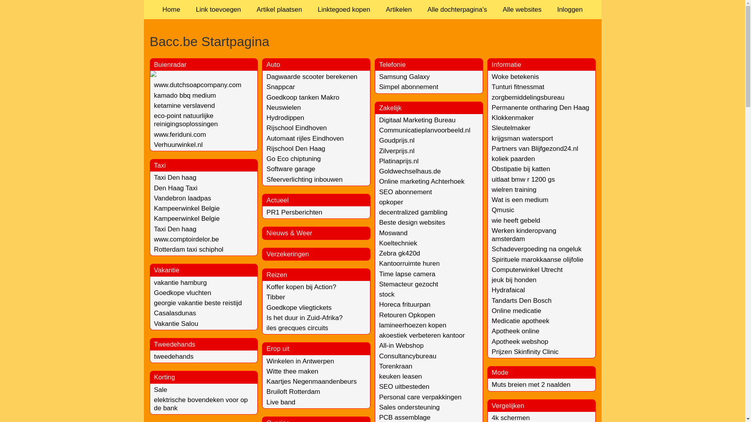  What do you see at coordinates (522, 138) in the screenshot?
I see `'krijgsman watersport'` at bounding box center [522, 138].